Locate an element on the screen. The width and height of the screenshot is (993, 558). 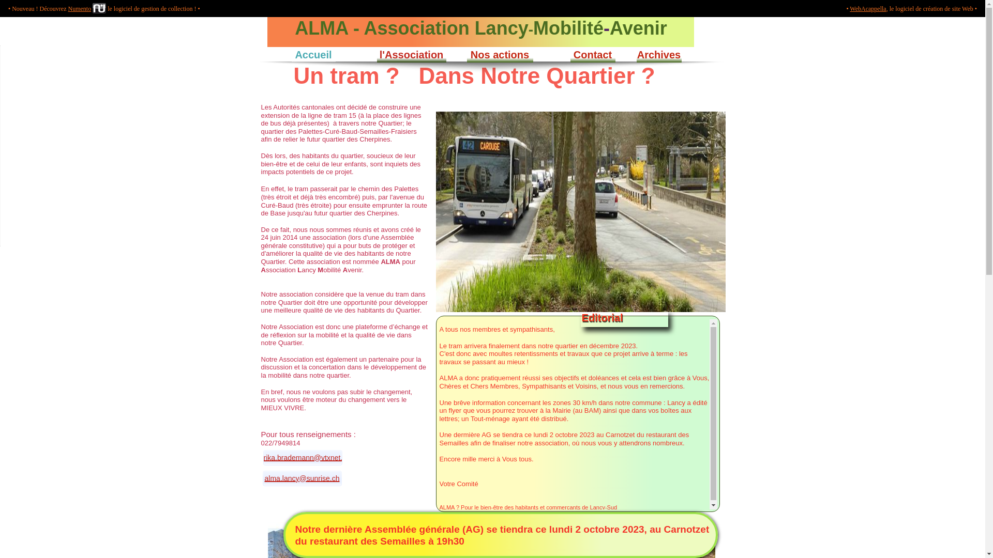
'Nos actions' is located at coordinates (466, 54).